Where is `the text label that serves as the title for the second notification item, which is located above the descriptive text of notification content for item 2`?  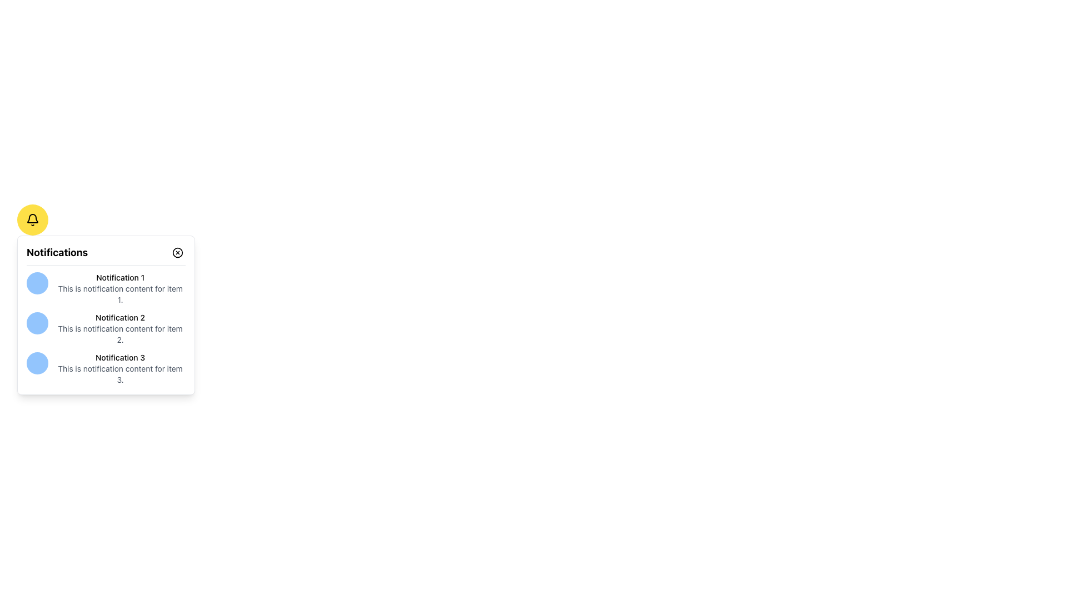 the text label that serves as the title for the second notification item, which is located above the descriptive text of notification content for item 2 is located at coordinates (120, 317).